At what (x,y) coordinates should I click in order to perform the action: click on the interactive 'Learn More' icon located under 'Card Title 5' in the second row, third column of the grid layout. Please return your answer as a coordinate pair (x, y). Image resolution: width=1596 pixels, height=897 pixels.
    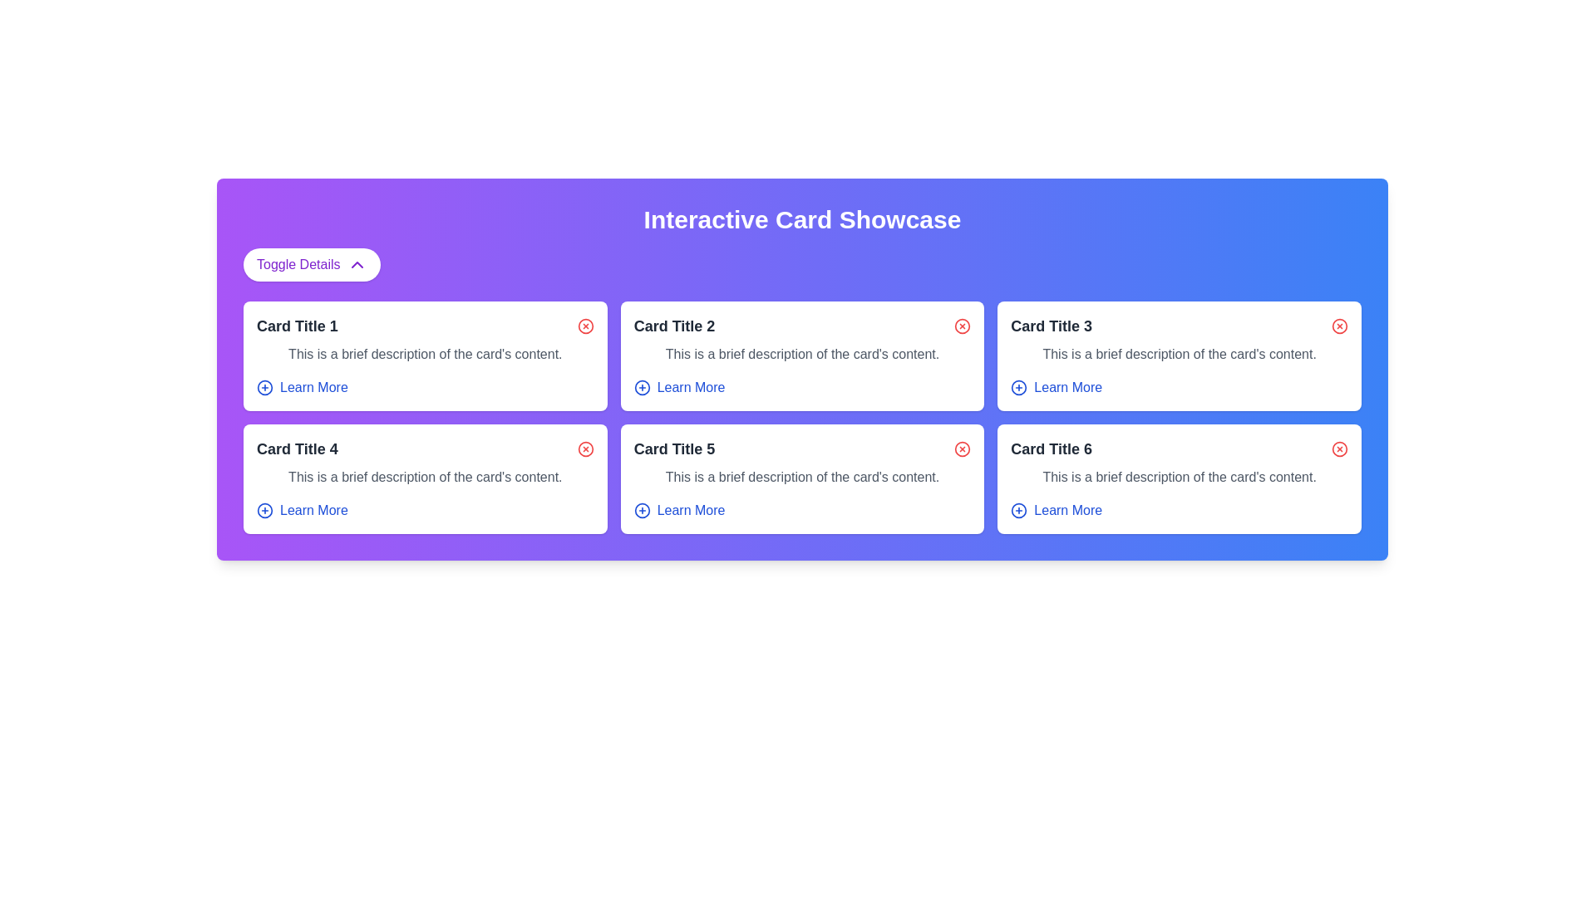
    Looking at the image, I should click on (641, 509).